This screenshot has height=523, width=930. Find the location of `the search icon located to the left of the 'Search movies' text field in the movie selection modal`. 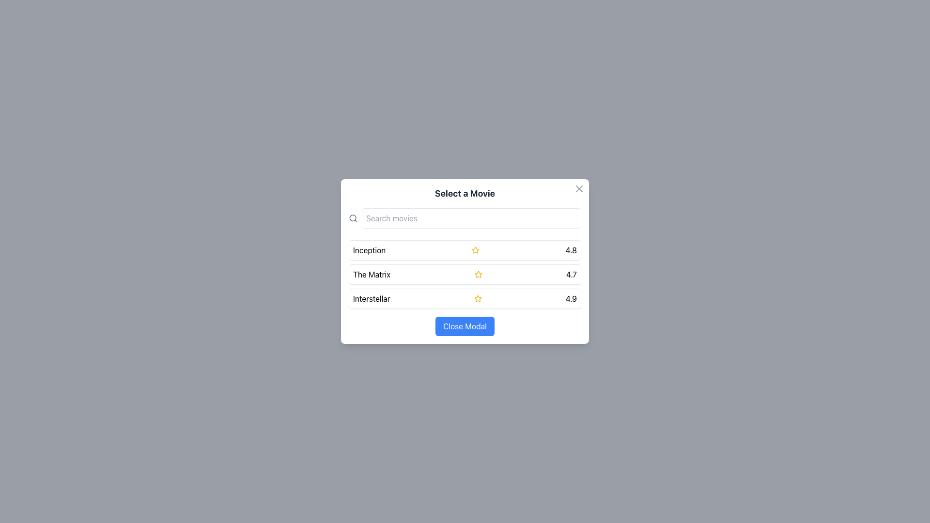

the search icon located to the left of the 'Search movies' text field in the movie selection modal is located at coordinates (353, 218).